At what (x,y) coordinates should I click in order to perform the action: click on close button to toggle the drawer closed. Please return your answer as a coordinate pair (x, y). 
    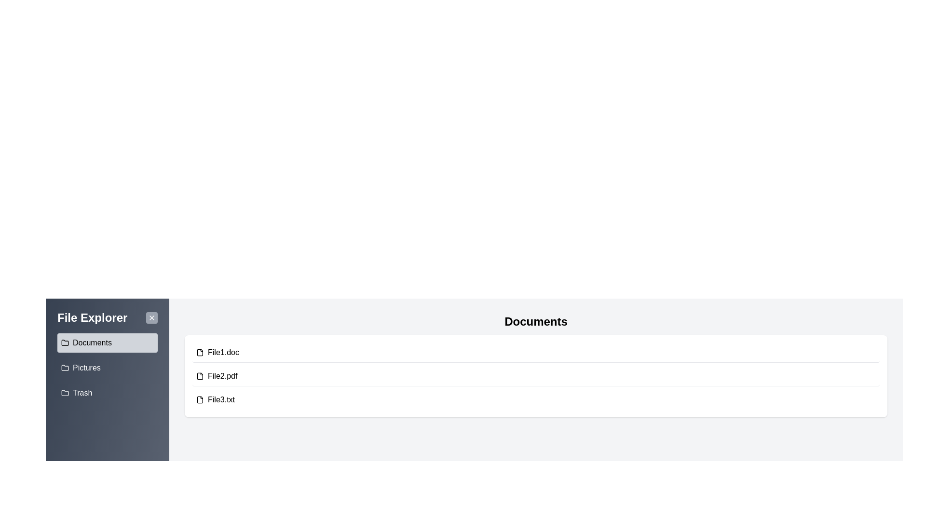
    Looking at the image, I should click on (151, 318).